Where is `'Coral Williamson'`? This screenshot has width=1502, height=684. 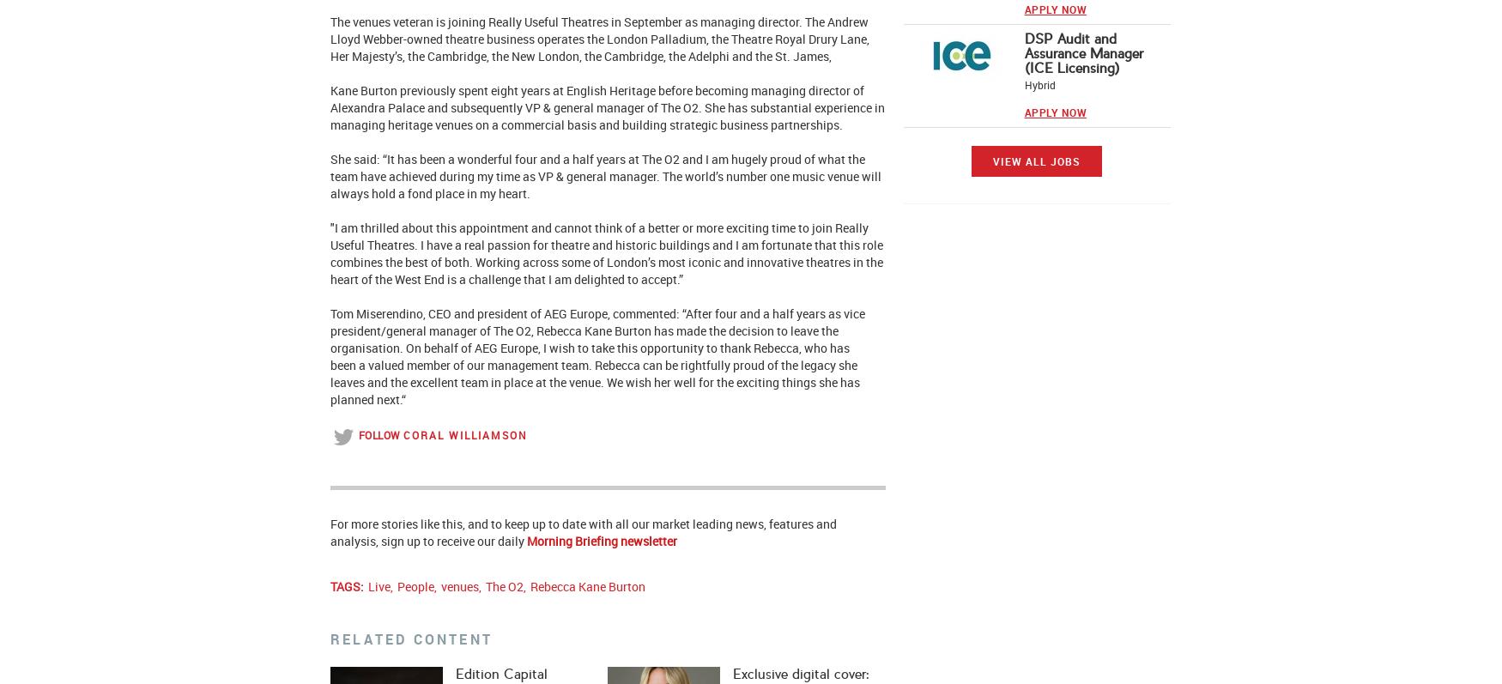 'Coral Williamson' is located at coordinates (464, 433).